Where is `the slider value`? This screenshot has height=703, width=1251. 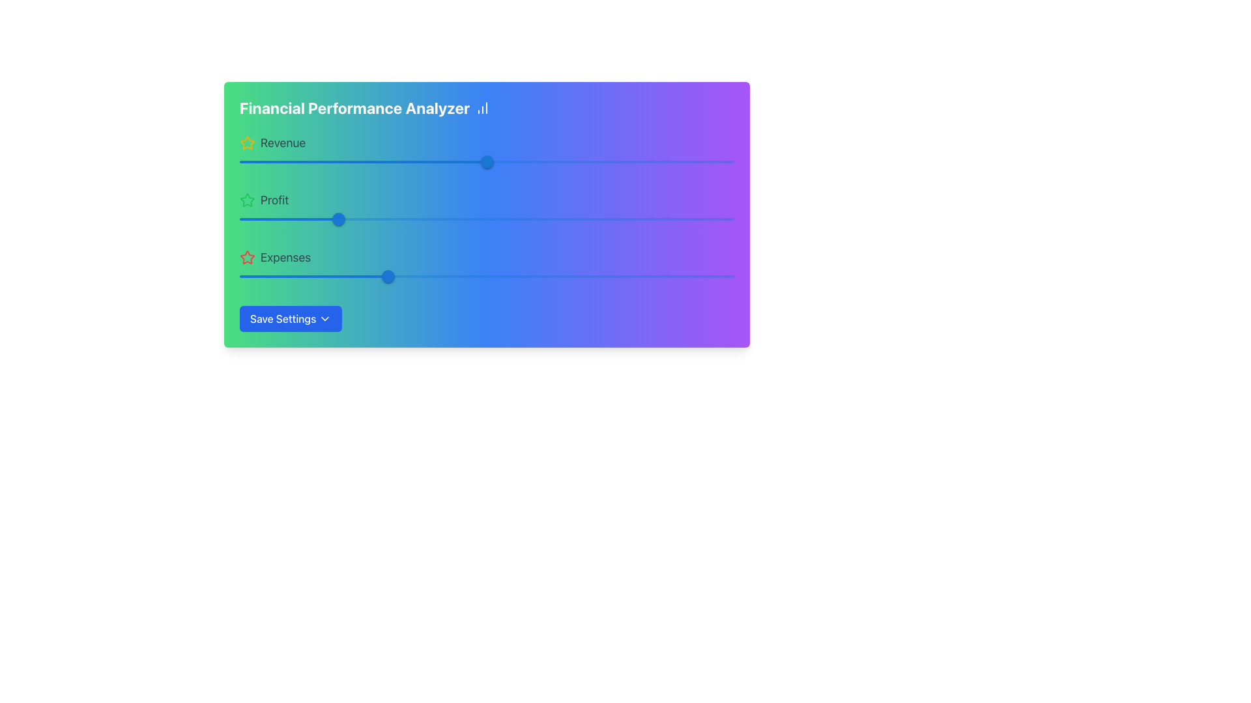
the slider value is located at coordinates (220, 275).